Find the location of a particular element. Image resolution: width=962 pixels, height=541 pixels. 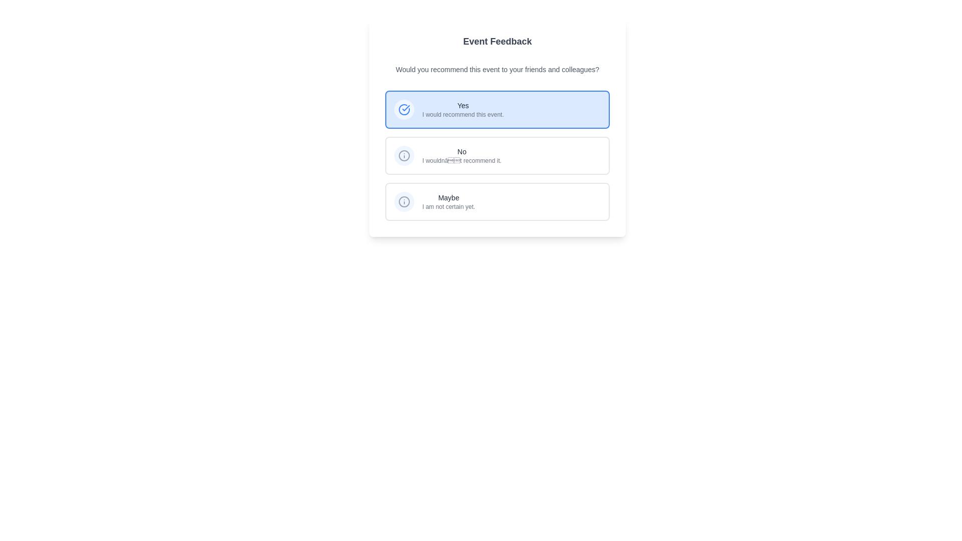

the middle button labeled 'No' with the smaller text 'I wouldn’t recommend it.' and an icon on the left is located at coordinates (498, 156).